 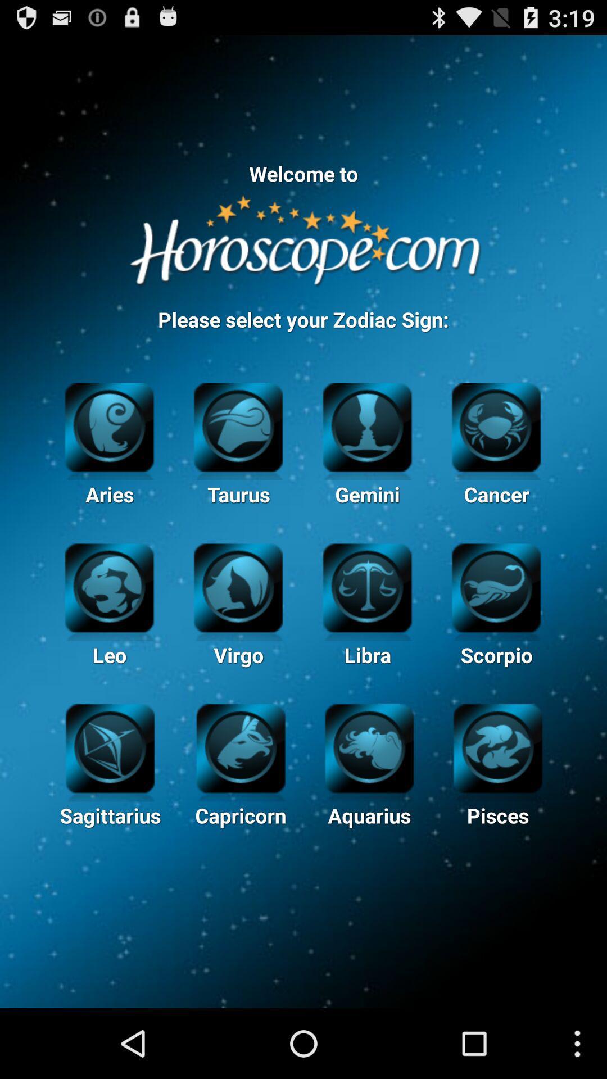 I want to click on zodiac details, so click(x=110, y=747).